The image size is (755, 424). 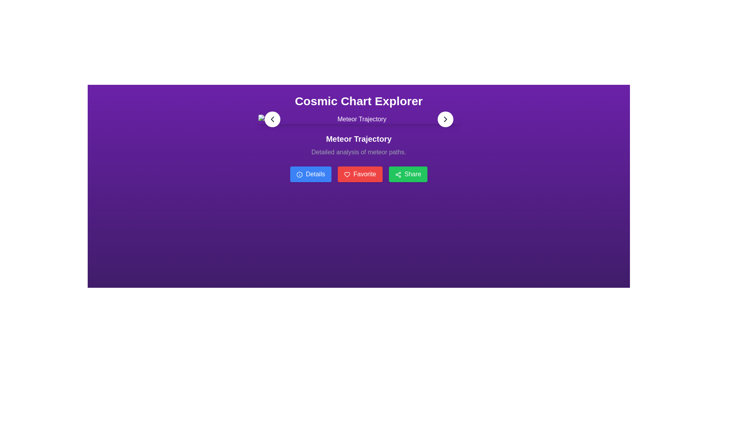 What do you see at coordinates (358, 145) in the screenshot?
I see `the static informational text block that displays a title and subtitle, located centrally underneath the main title 'Cosmic Chart Explorer', above the buttons labeled 'Details', 'Favorite', and 'Share'` at bounding box center [358, 145].